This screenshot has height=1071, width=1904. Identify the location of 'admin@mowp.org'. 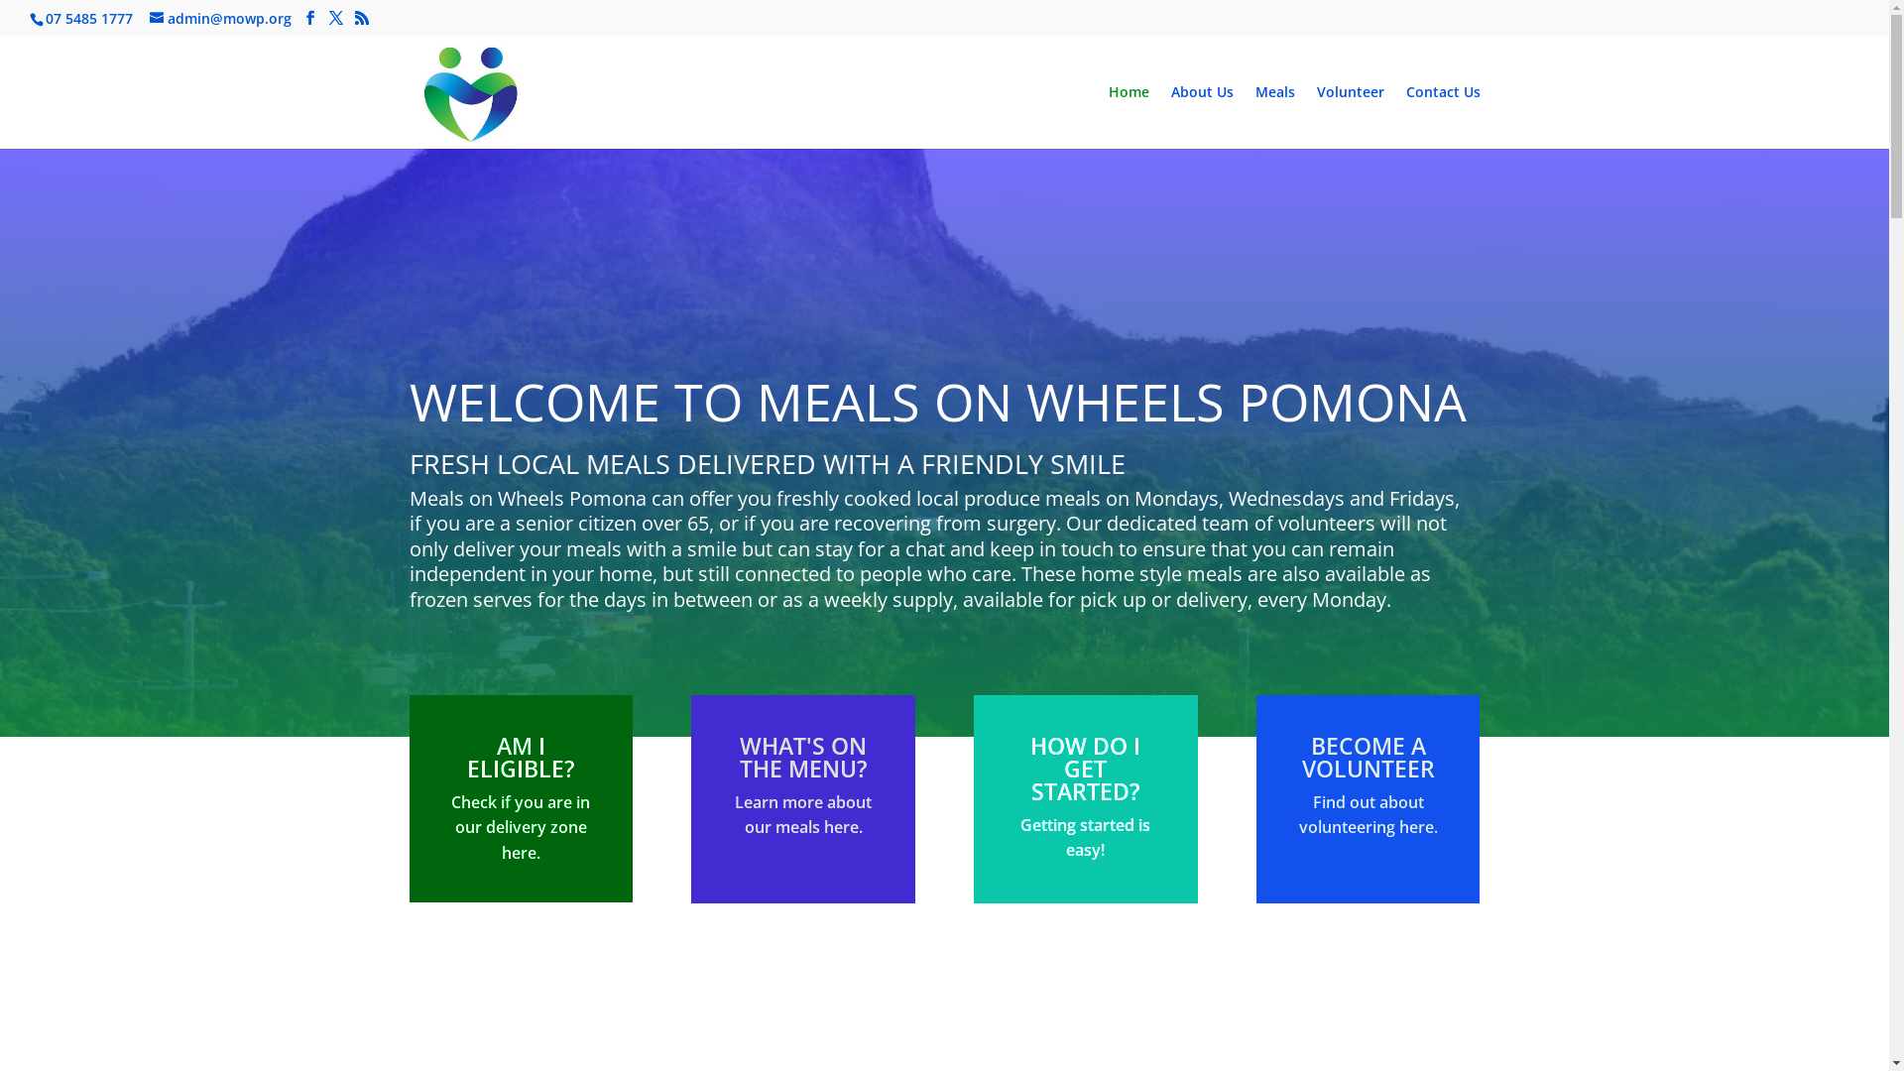
(220, 17).